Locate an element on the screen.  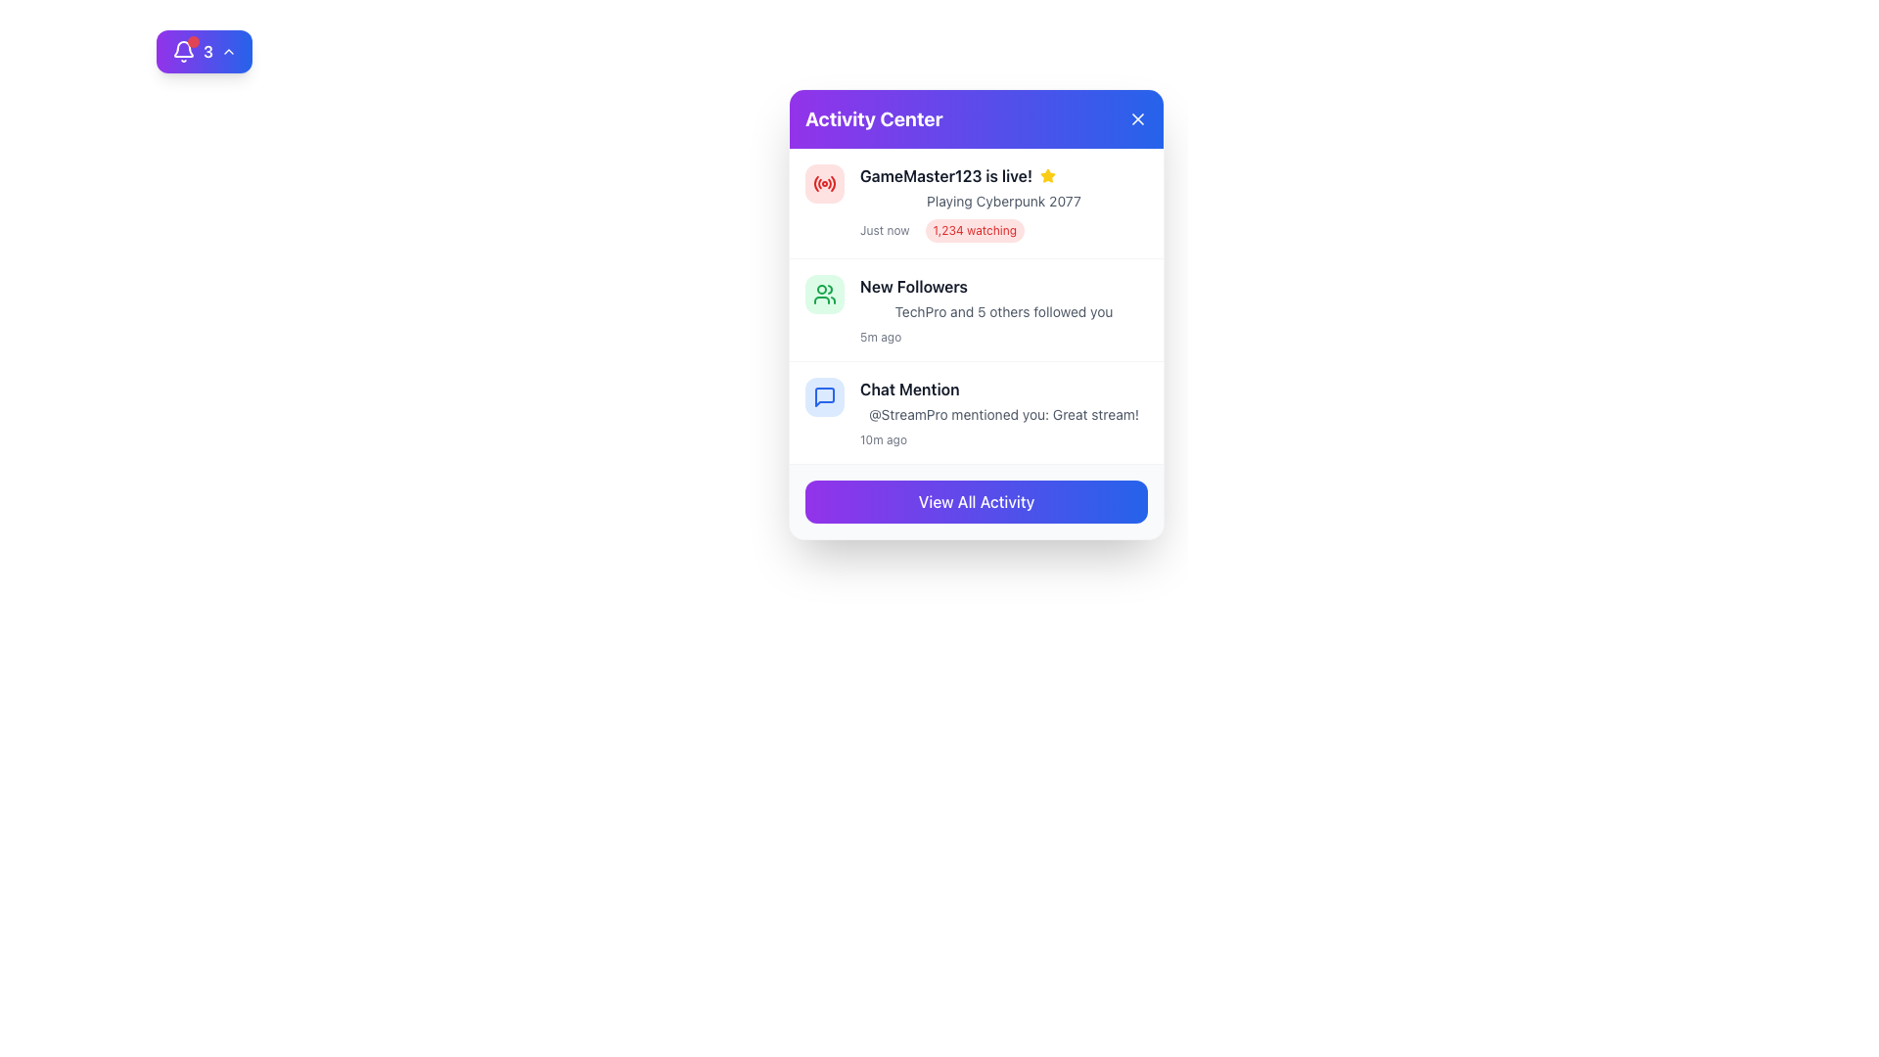
the chevron icon located at the rightmost position of a horizontal stack in the rounded notification button, which follows the number '3' displayed in white is located at coordinates (229, 51).